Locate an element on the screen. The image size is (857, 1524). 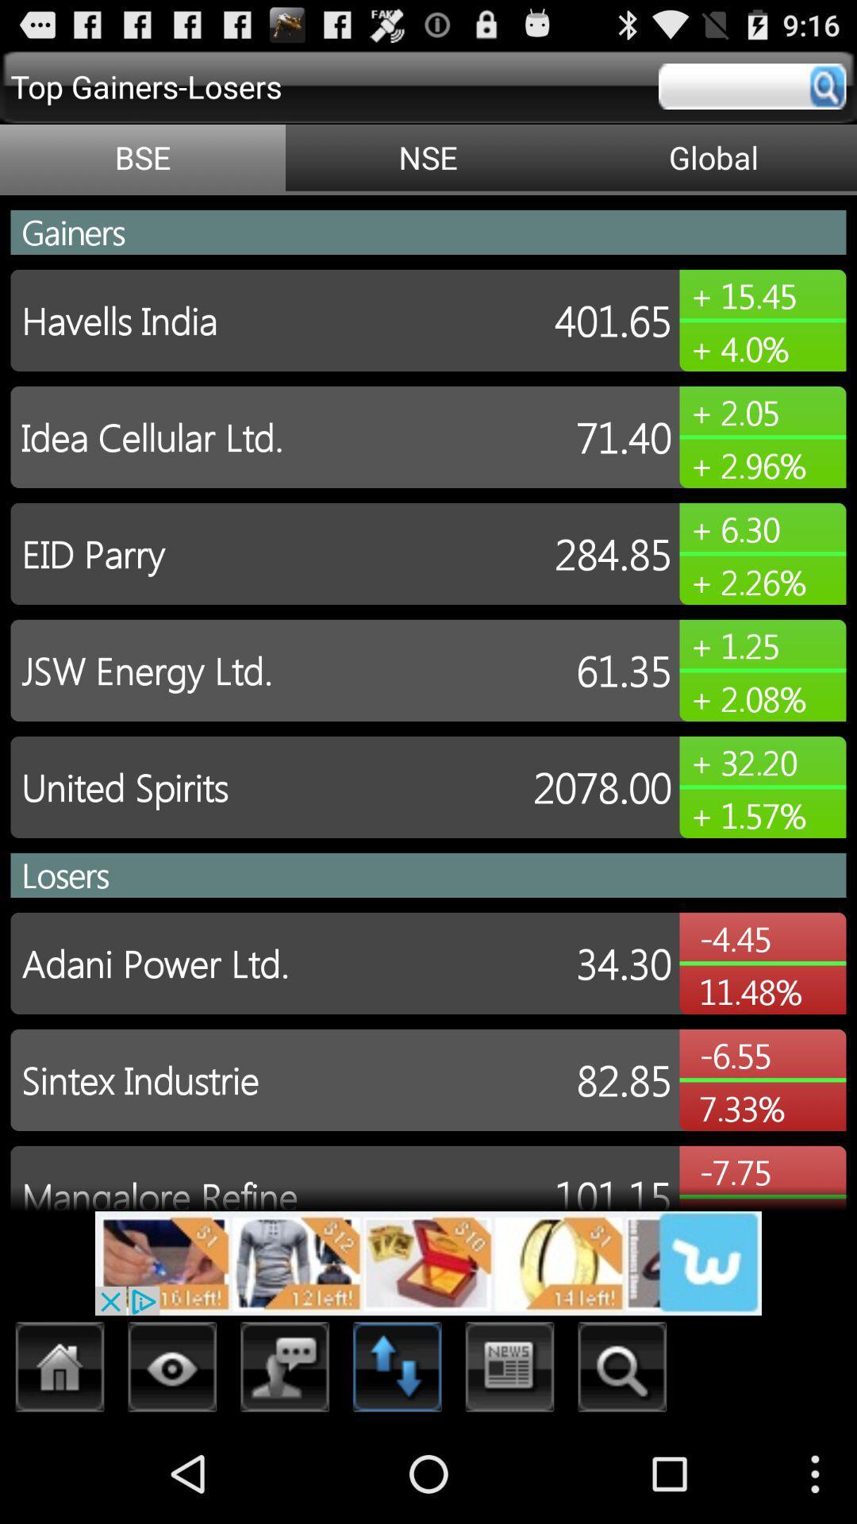
home is located at coordinates (60, 1371).